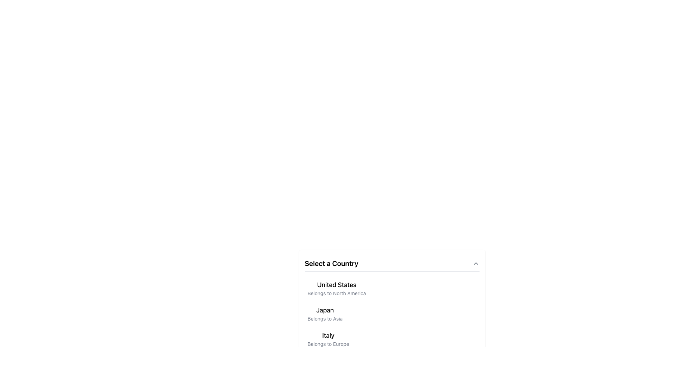 This screenshot has height=380, width=676. I want to click on the 'Select a Country' dropdown list, so click(392, 304).